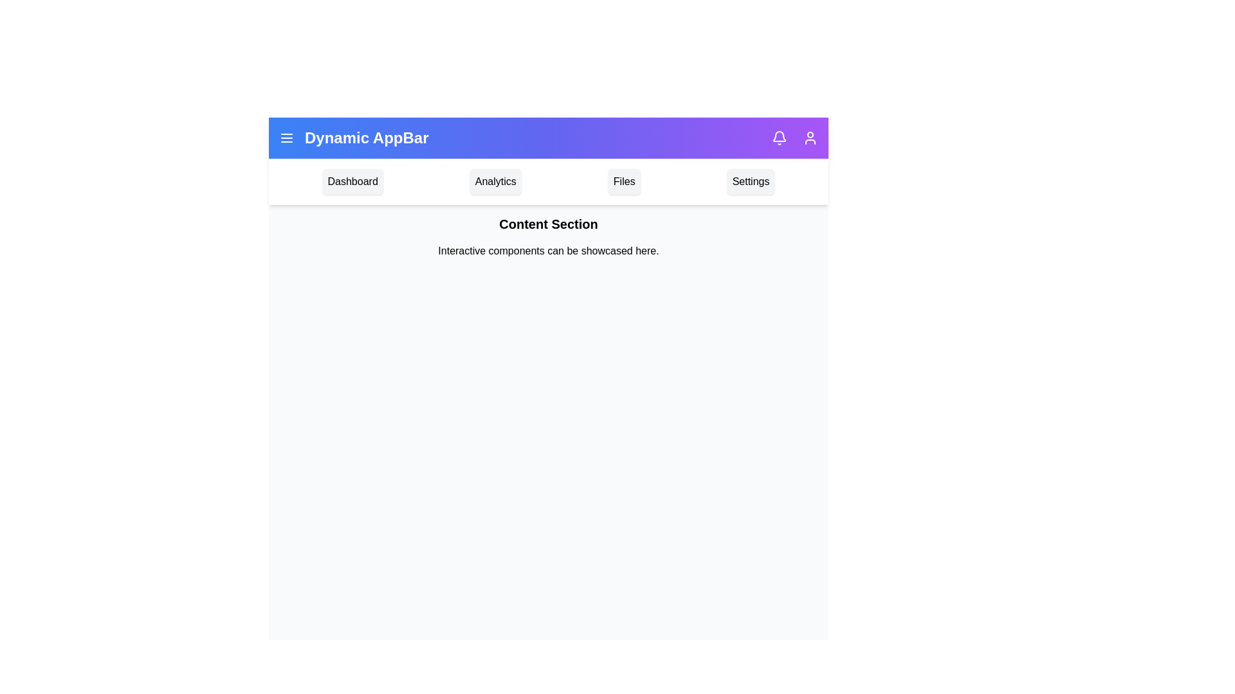 Image resolution: width=1235 pixels, height=694 pixels. Describe the element at coordinates (809, 138) in the screenshot. I see `the user profile icon to open the user profile menu` at that location.